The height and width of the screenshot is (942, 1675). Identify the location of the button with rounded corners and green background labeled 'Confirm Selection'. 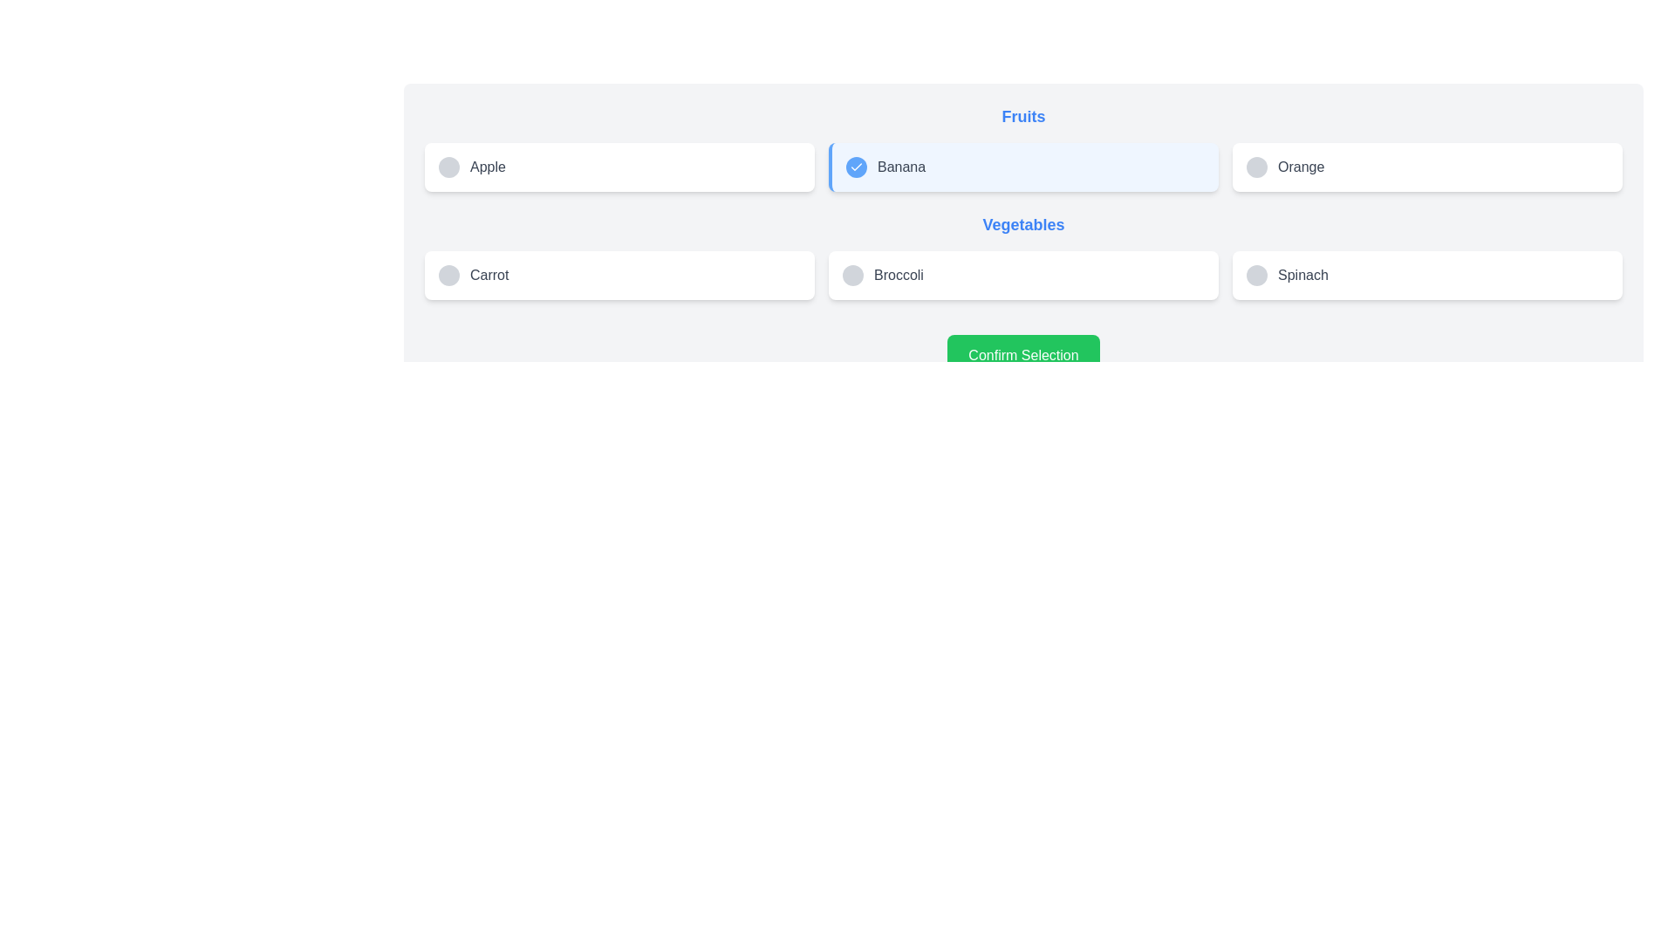
(1023, 355).